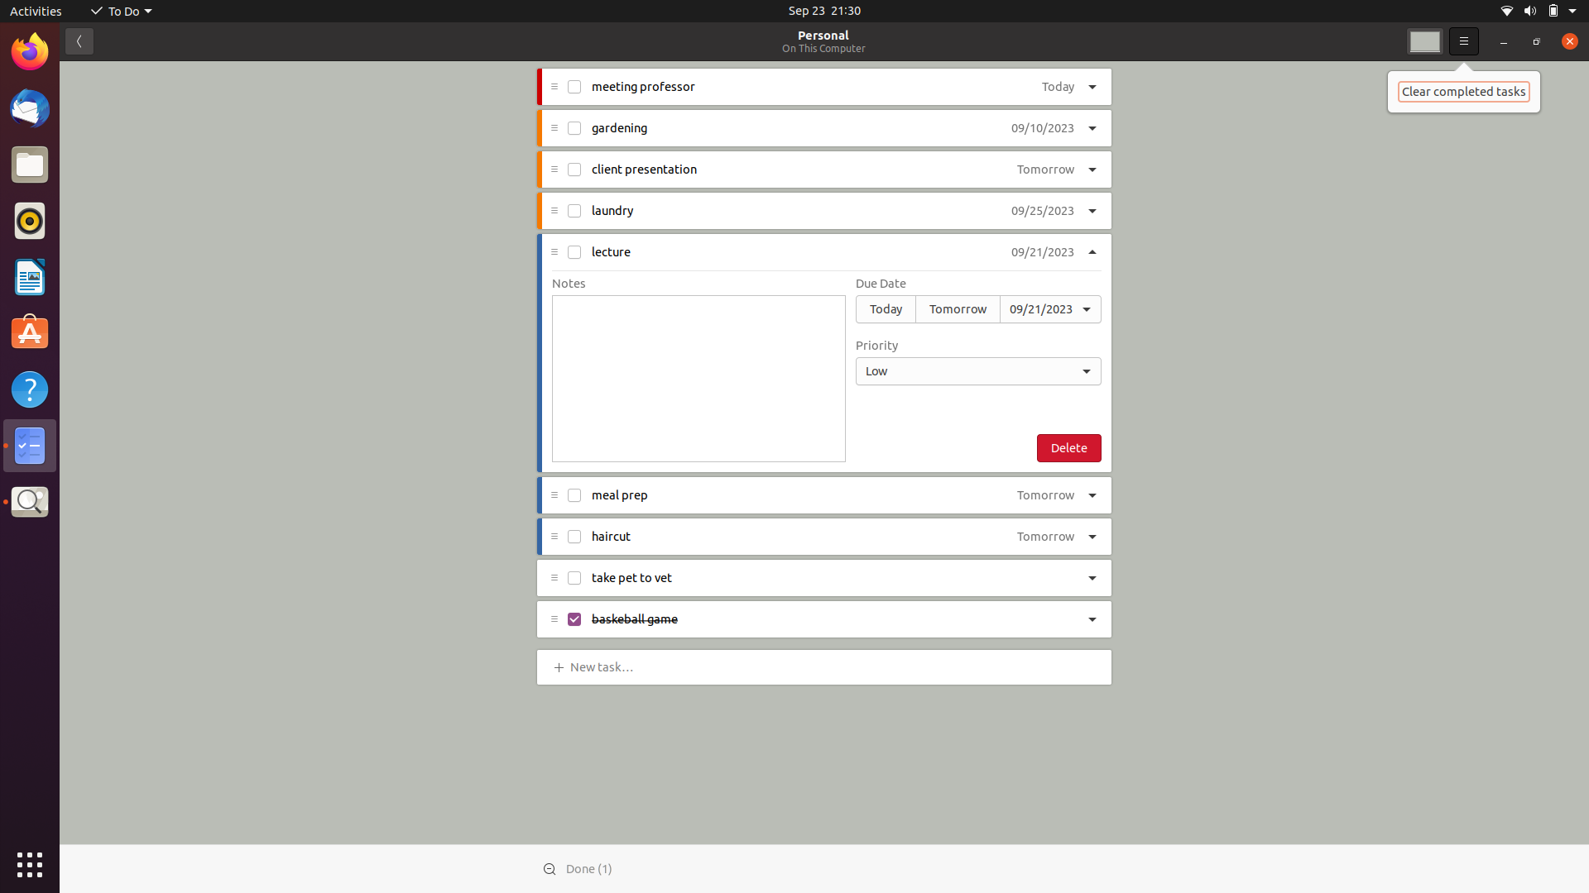  I want to click on the status of "haircut" task to completed, so click(573, 536).